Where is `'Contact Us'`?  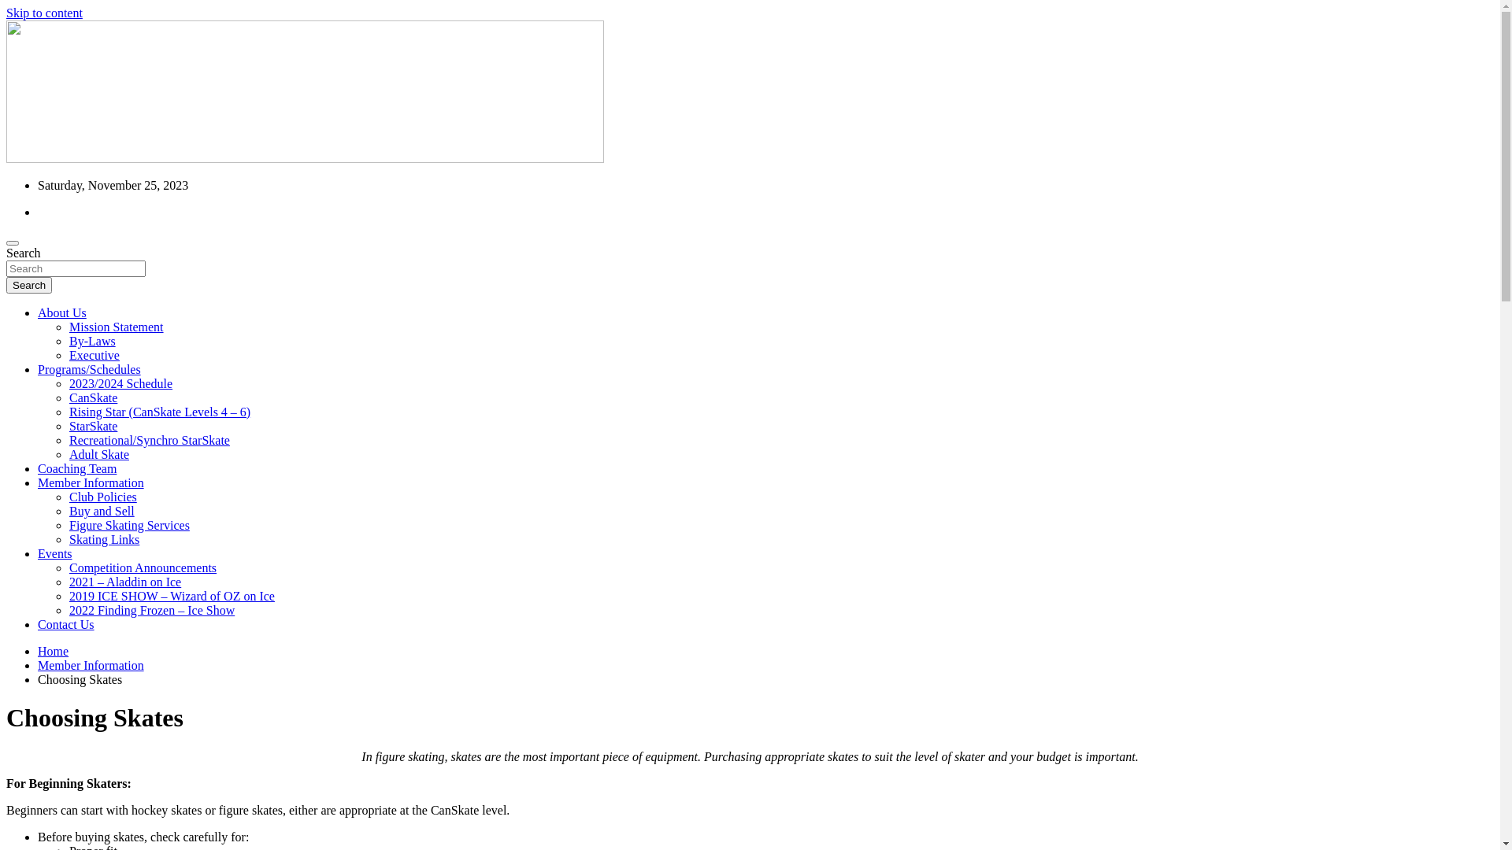 'Contact Us' is located at coordinates (65, 623).